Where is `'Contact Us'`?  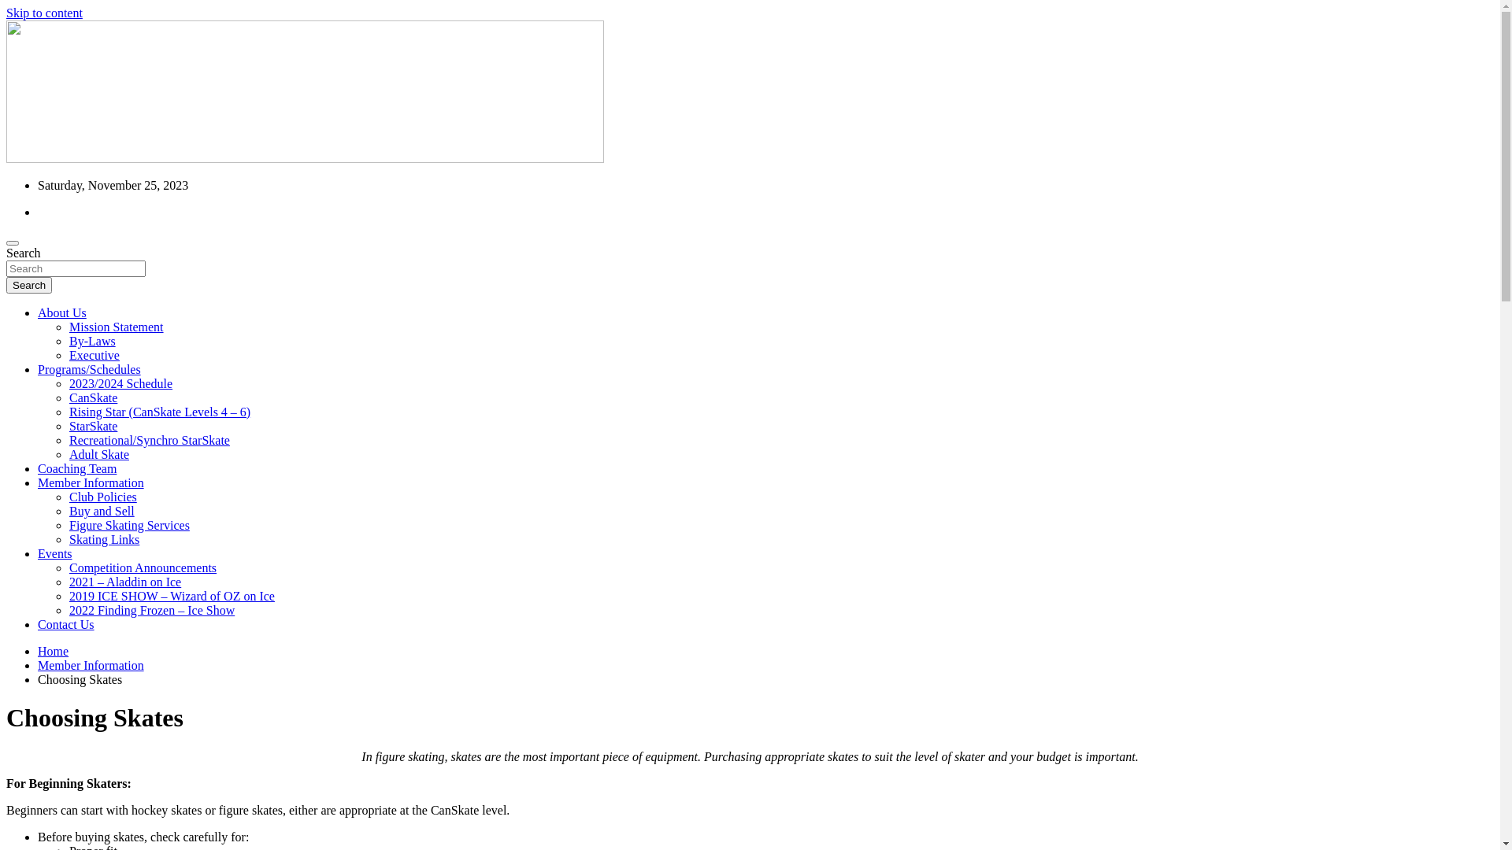 'Contact Us' is located at coordinates (65, 623).